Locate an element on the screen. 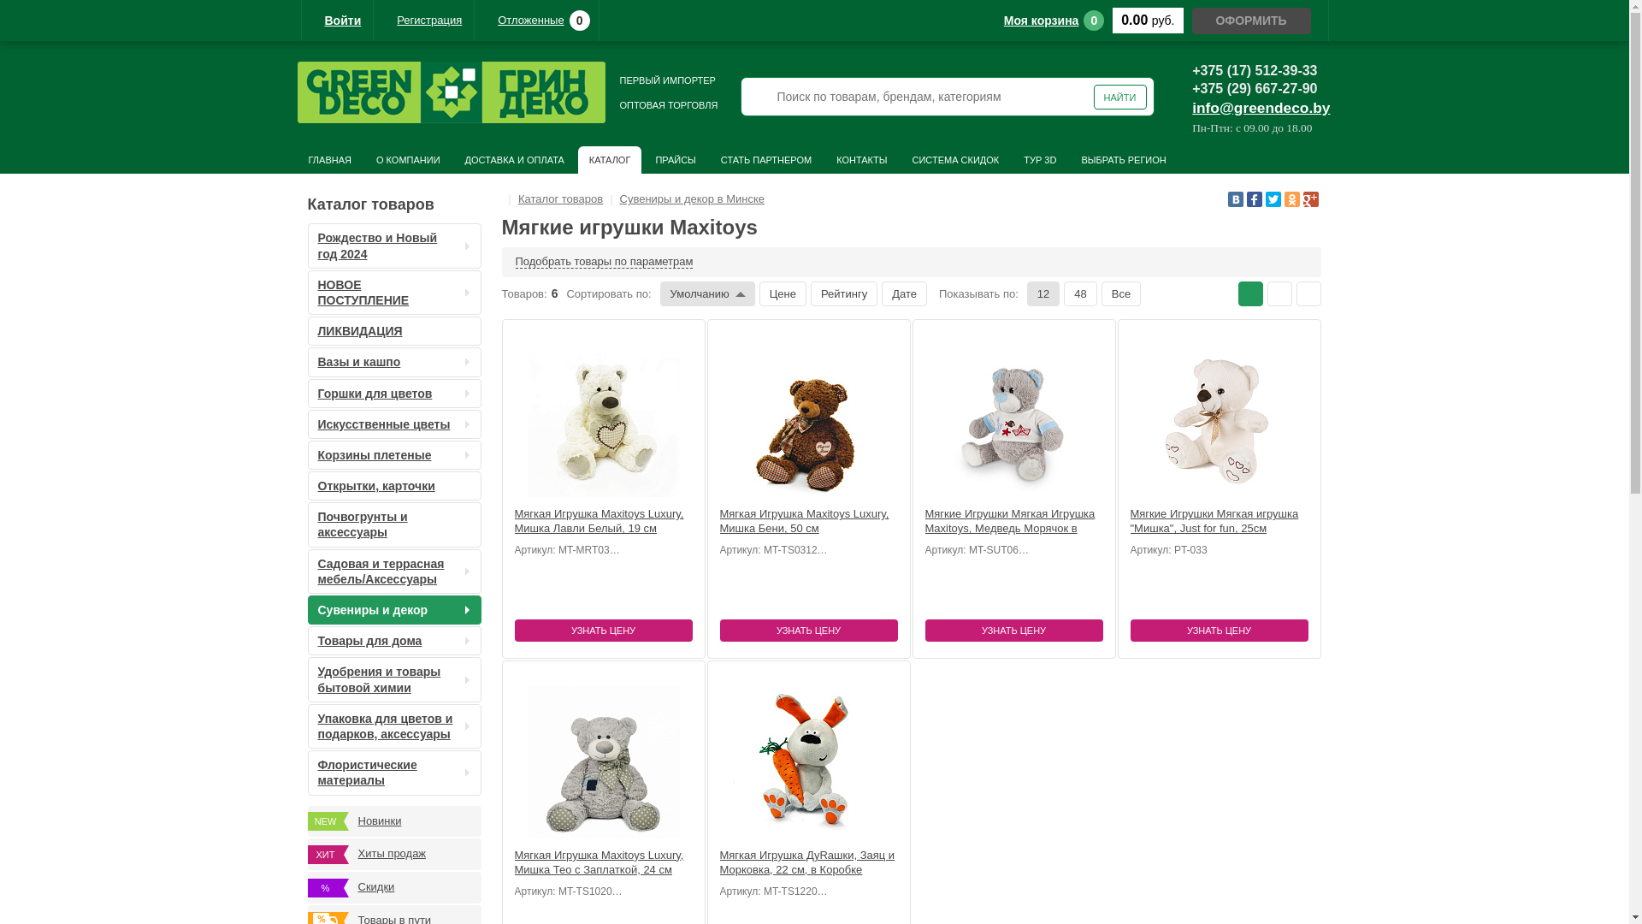 The image size is (1642, 924). 'Google Plus' is located at coordinates (1309, 198).